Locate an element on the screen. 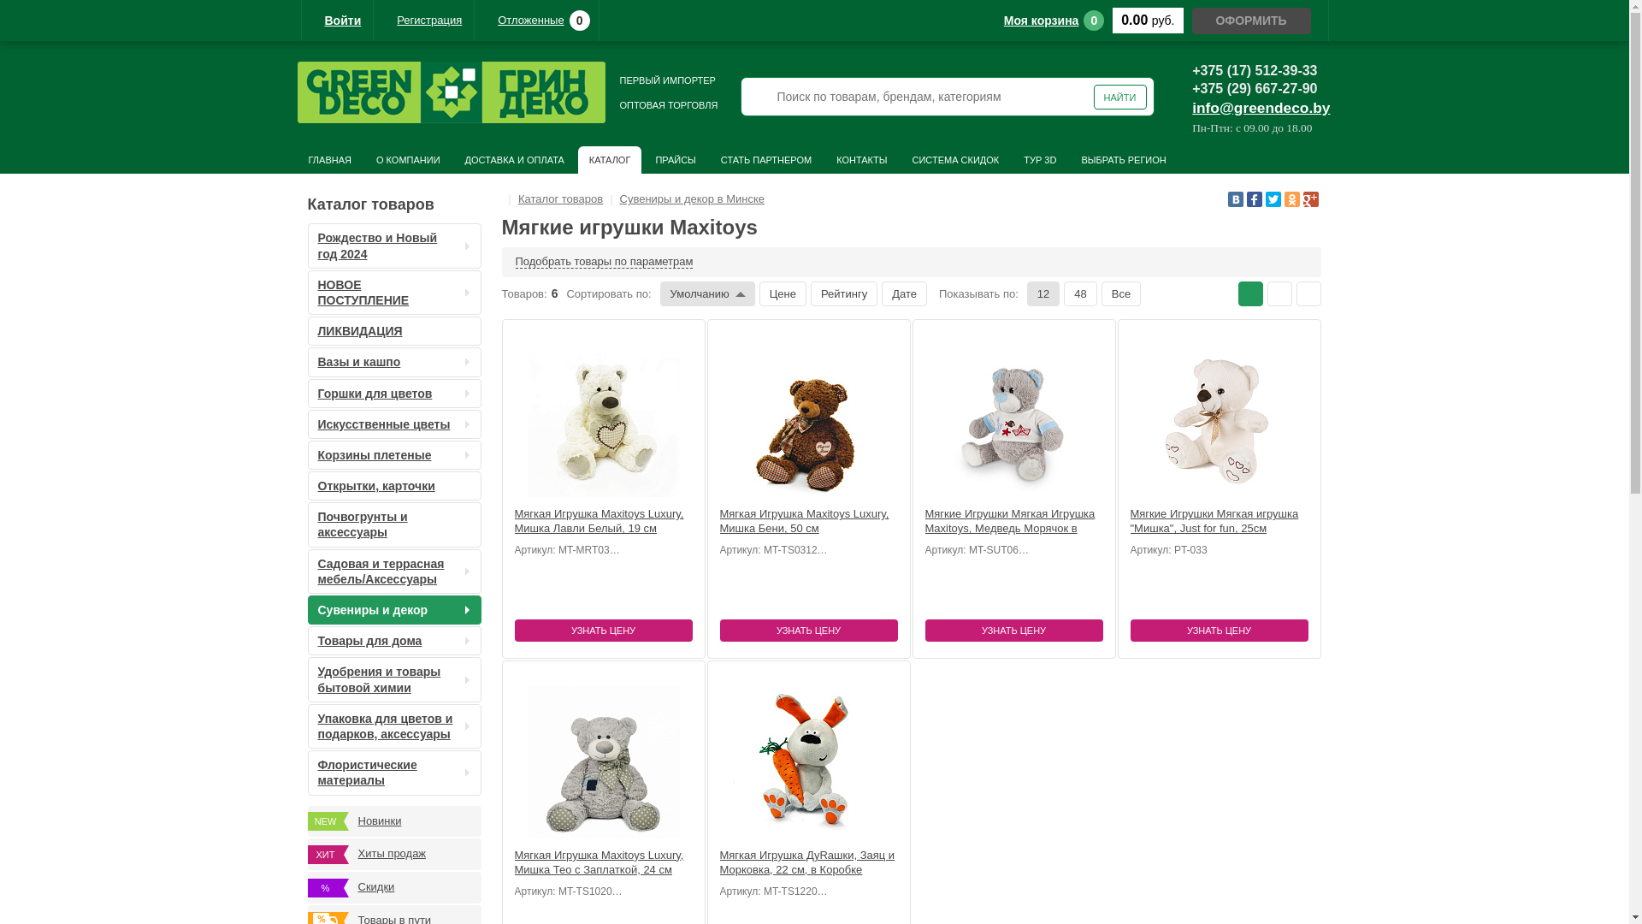 The image size is (1642, 924). 'Google Plus' is located at coordinates (1309, 198).